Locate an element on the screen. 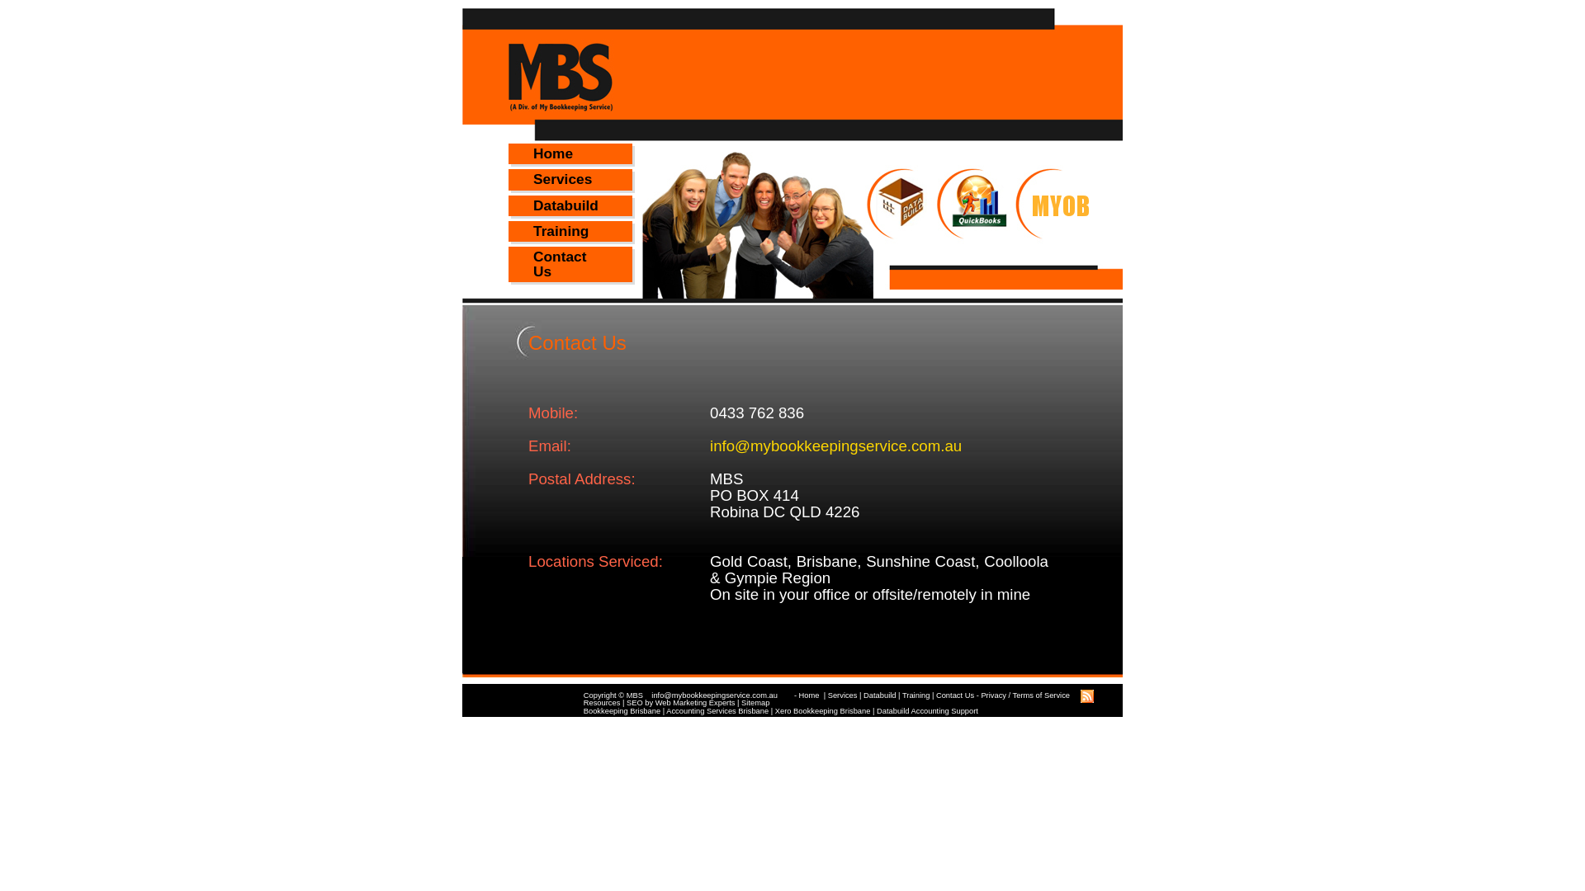 The image size is (1585, 891). 'Training' is located at coordinates (570, 231).